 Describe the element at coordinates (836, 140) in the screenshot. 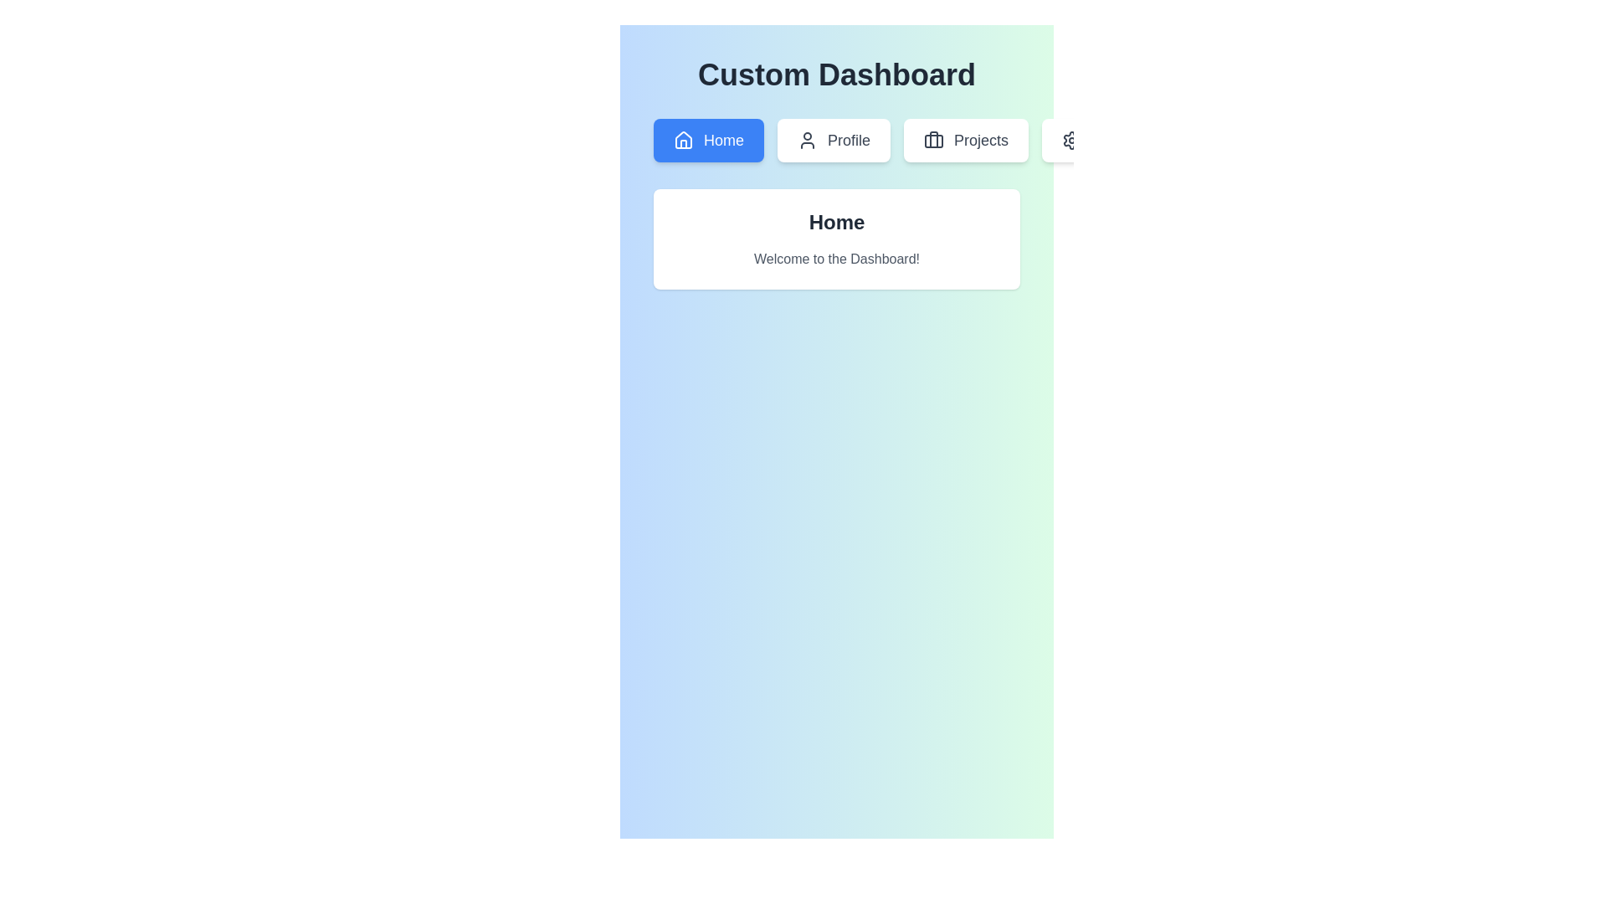

I see `the 'Profile' navigation button located in the horizontal navigation bar below the 'Custom Dashboard' heading` at that location.